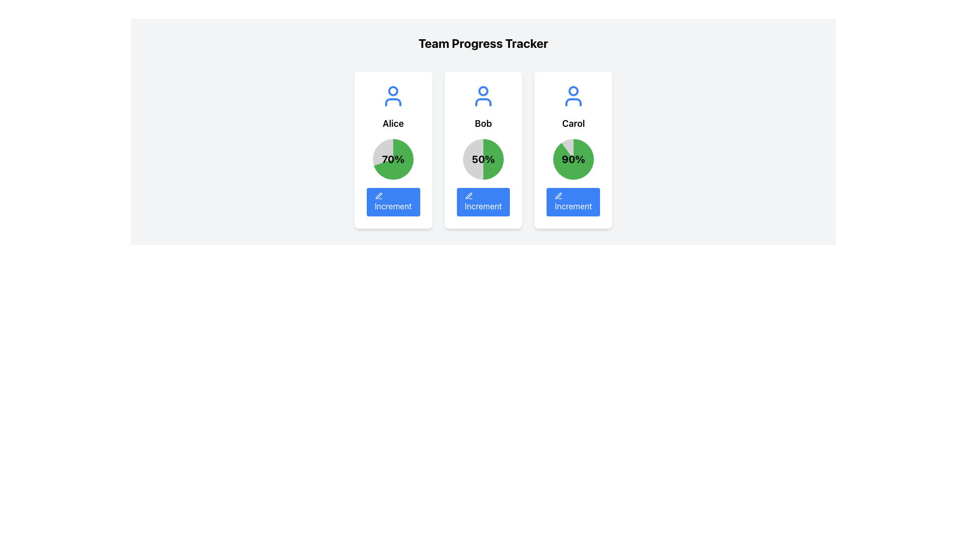 The height and width of the screenshot is (550, 978). What do you see at coordinates (378, 196) in the screenshot?
I see `the small blue pen icon representing the edit option, located under the progress circle labeled '70%' within the lower section of the leftmost increment button` at bounding box center [378, 196].